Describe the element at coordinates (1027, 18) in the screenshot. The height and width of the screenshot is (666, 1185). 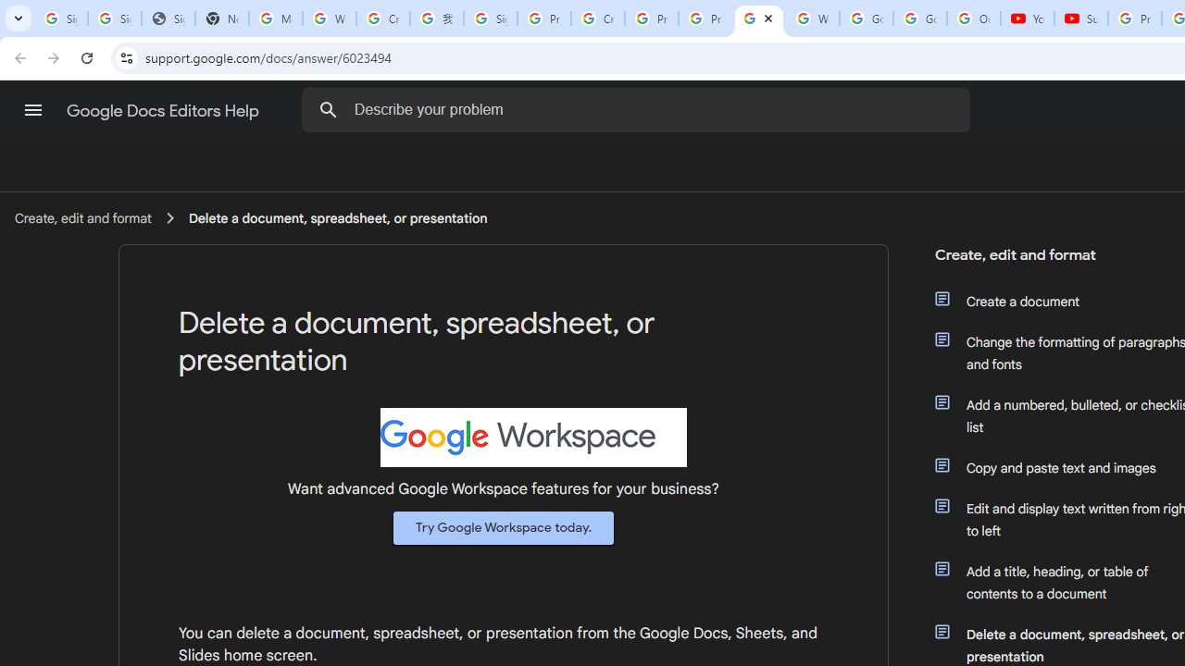
I see `'YouTube'` at that location.